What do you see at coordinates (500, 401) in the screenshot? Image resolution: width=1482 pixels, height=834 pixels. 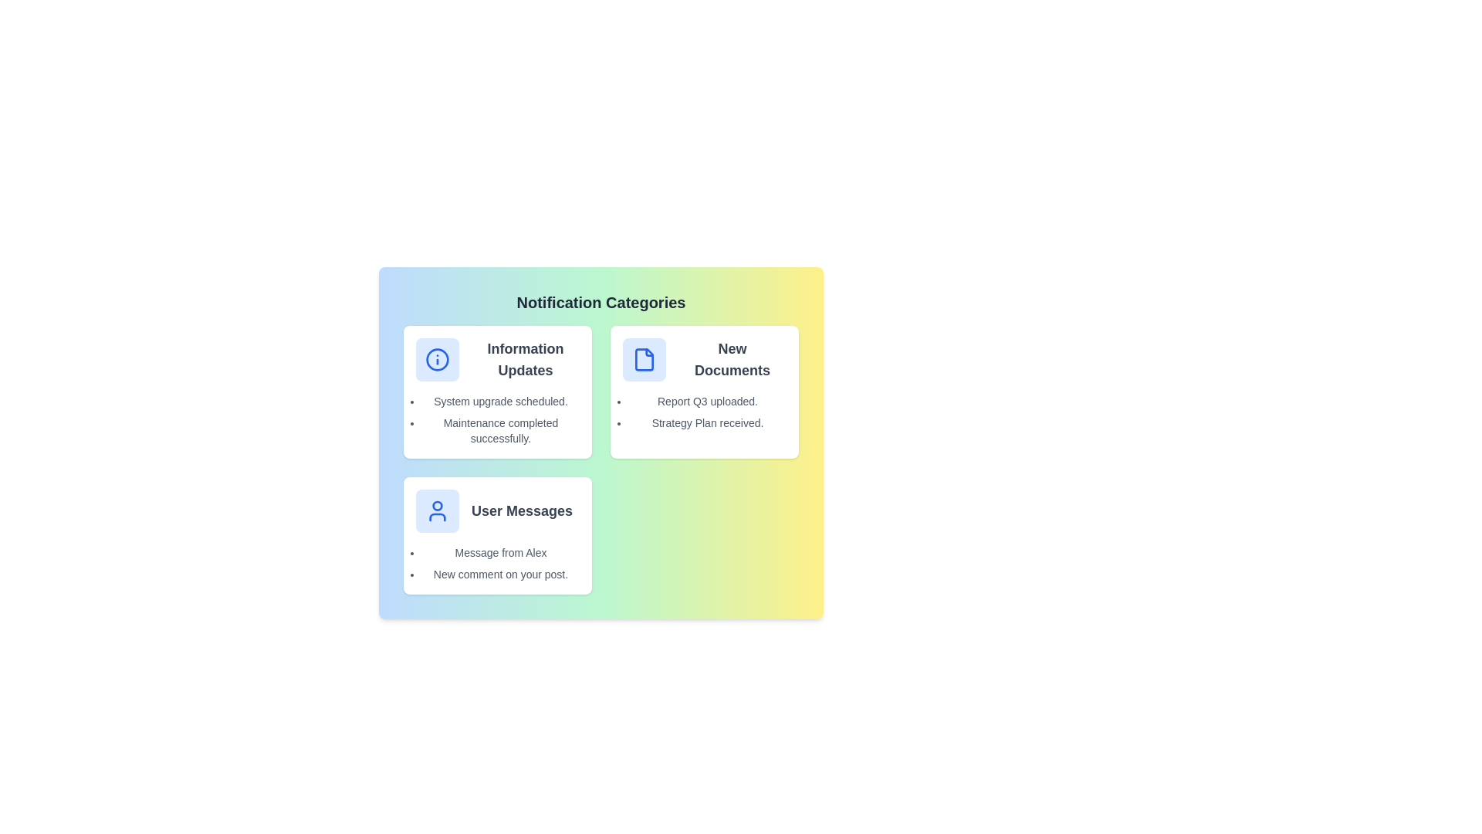 I see `the notification text to select it` at bounding box center [500, 401].